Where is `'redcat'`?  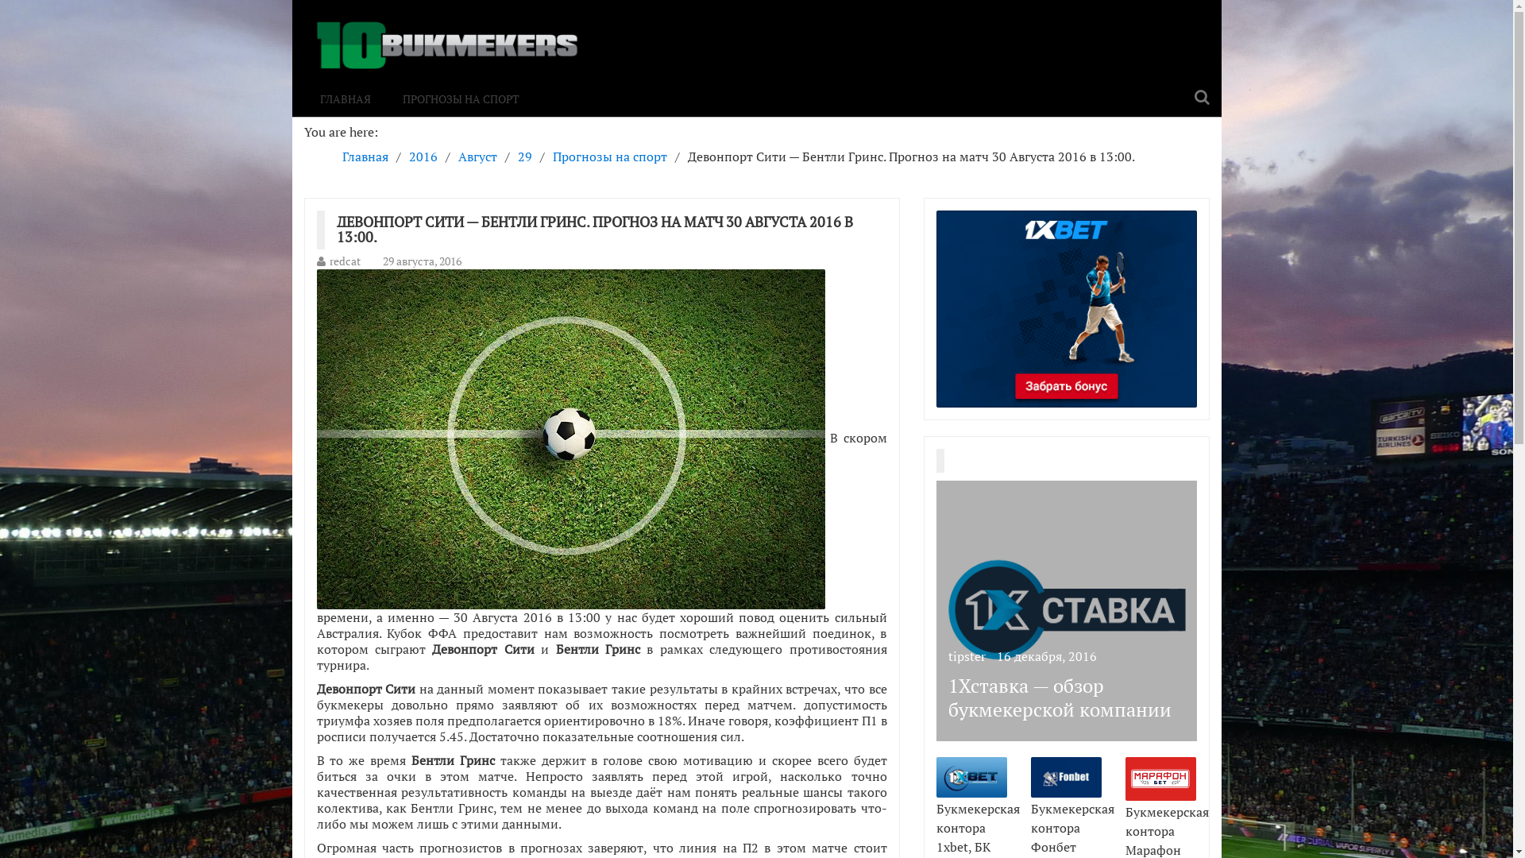
'redcat' is located at coordinates (343, 260).